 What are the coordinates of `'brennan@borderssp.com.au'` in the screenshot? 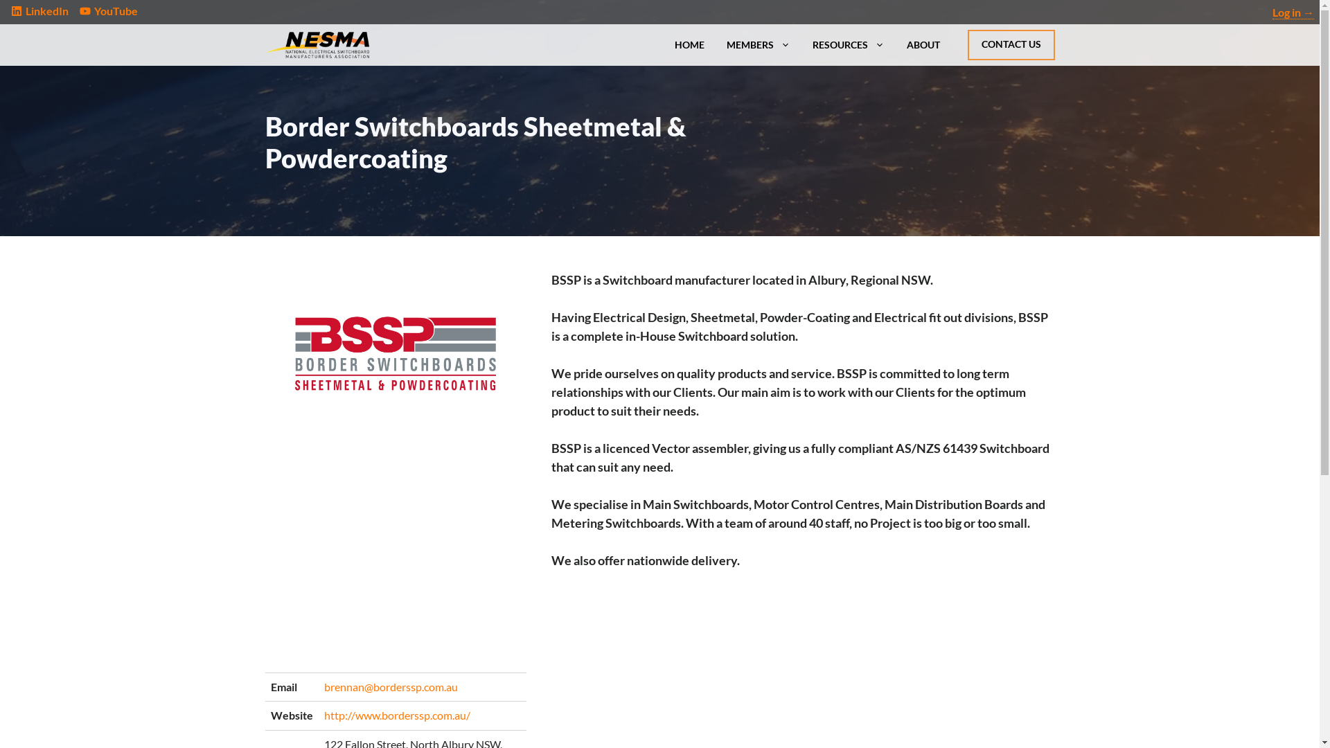 It's located at (323, 686).